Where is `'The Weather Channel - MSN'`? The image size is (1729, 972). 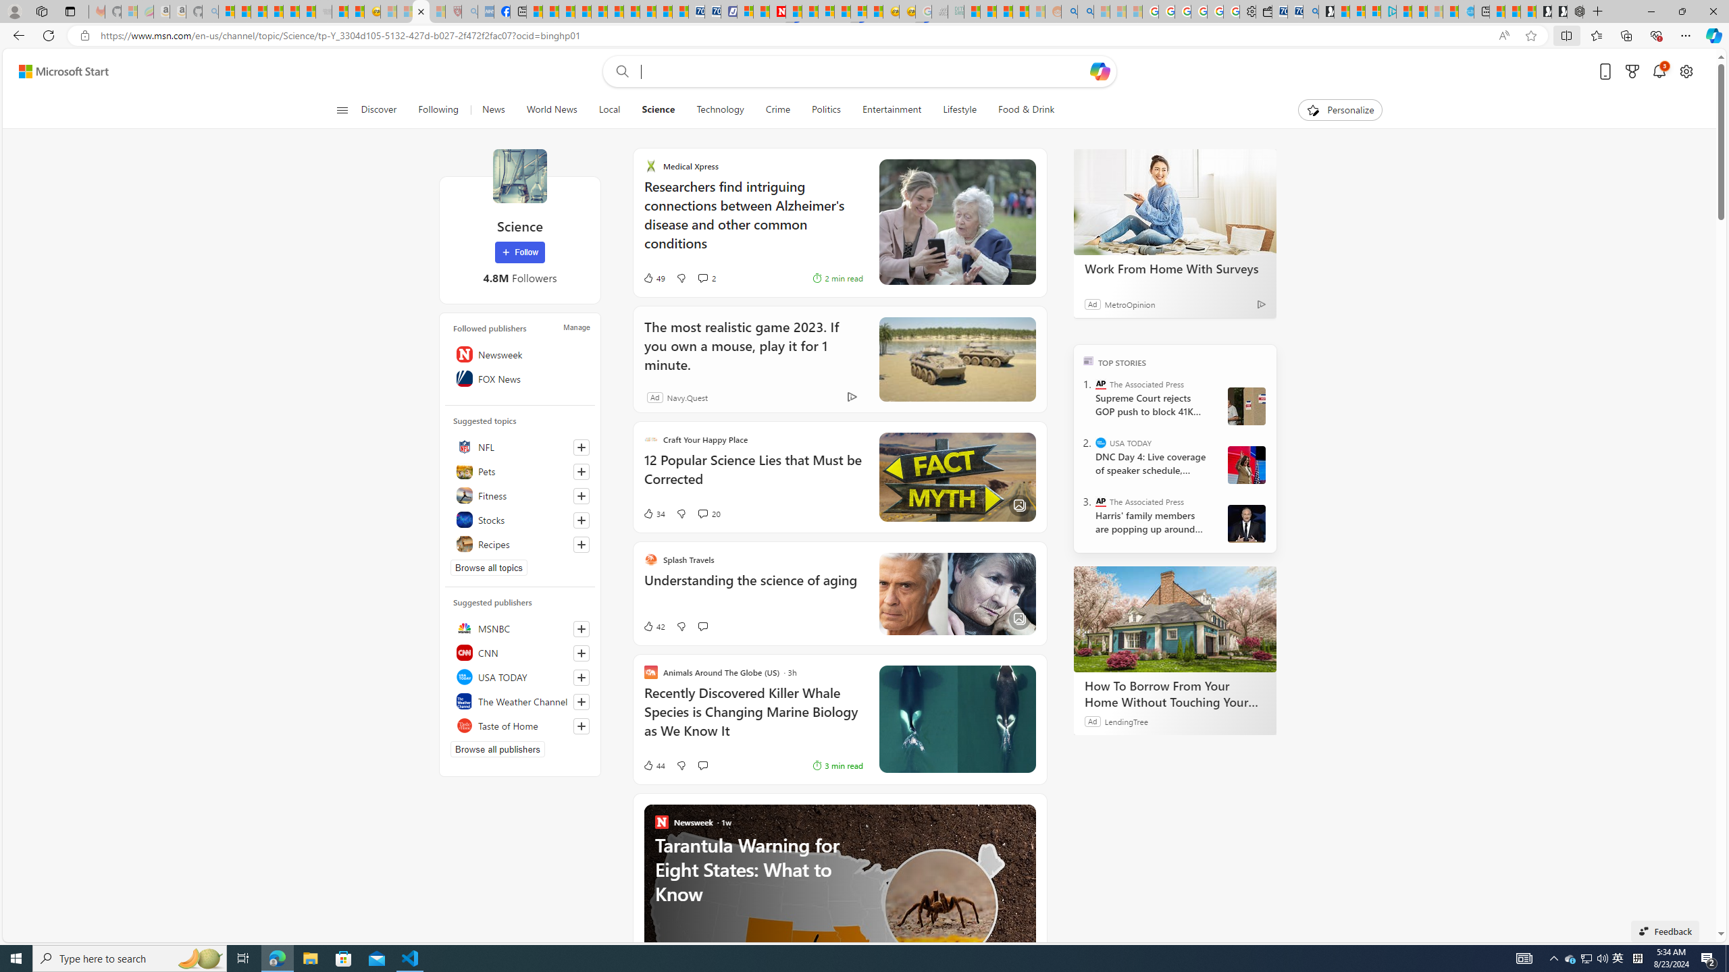 'The Weather Channel - MSN' is located at coordinates (259, 11).